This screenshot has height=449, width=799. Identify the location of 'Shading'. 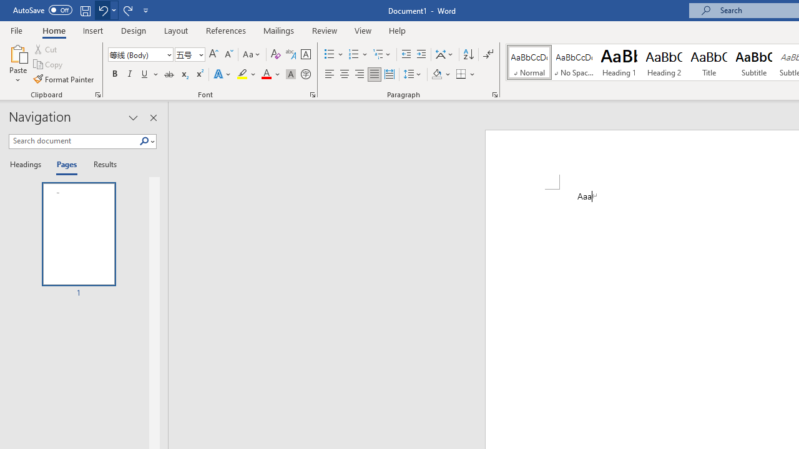
(441, 74).